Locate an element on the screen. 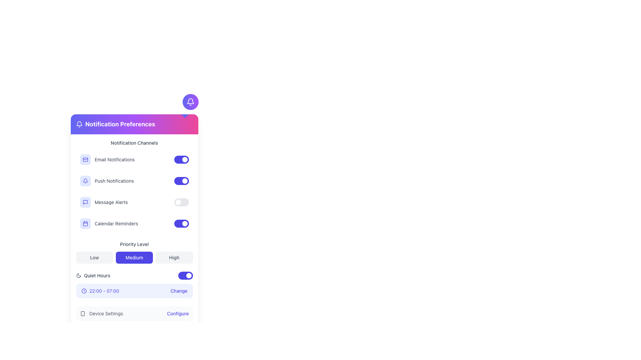 The height and width of the screenshot is (360, 641). the toggle switch in the 'Quiet Hours' section to change its state from ON to OFF or OFF to ON is located at coordinates (185, 275).